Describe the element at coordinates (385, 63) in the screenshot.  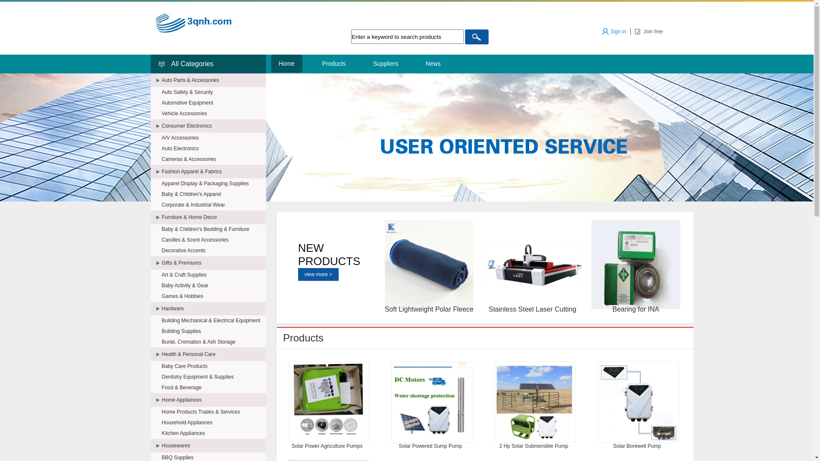
I see `'Suppliers'` at that location.